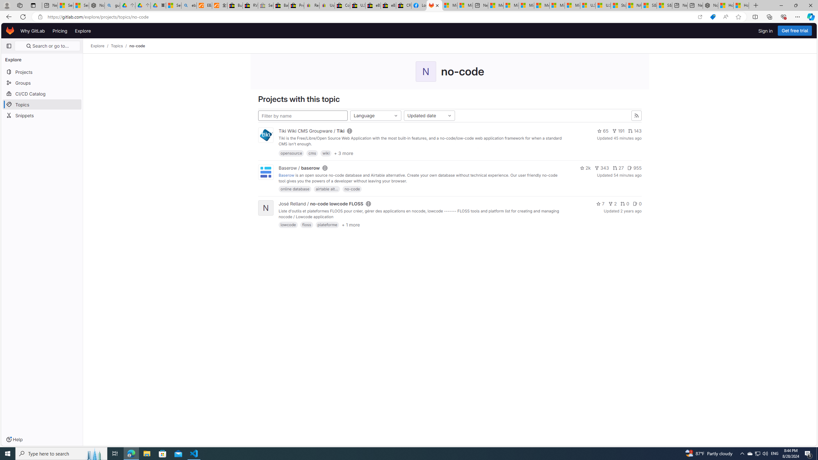 The image size is (818, 460). Describe the element at coordinates (303, 115) in the screenshot. I see `'Filter by name'` at that location.